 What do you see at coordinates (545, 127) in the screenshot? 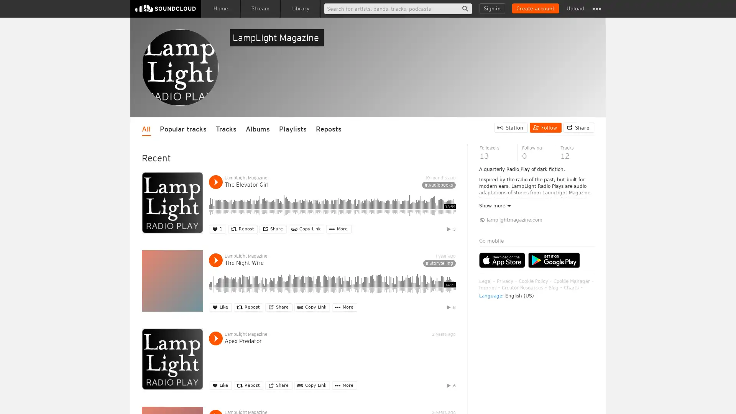
I see `Follow` at bounding box center [545, 127].